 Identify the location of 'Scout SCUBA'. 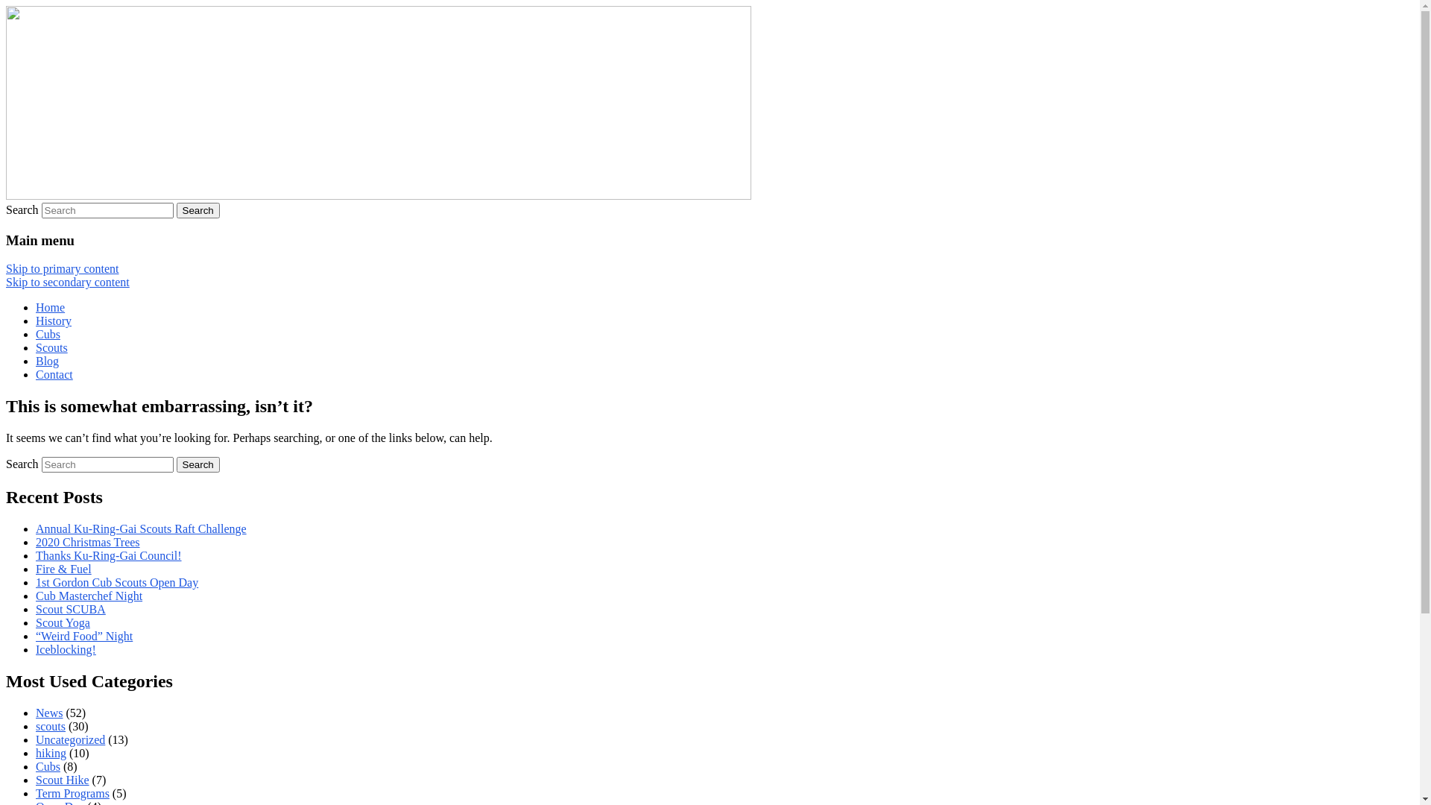
(70, 609).